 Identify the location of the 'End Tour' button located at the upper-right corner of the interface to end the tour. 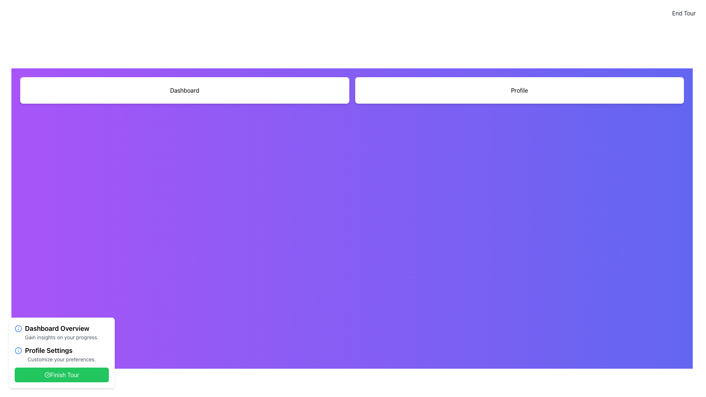
(683, 13).